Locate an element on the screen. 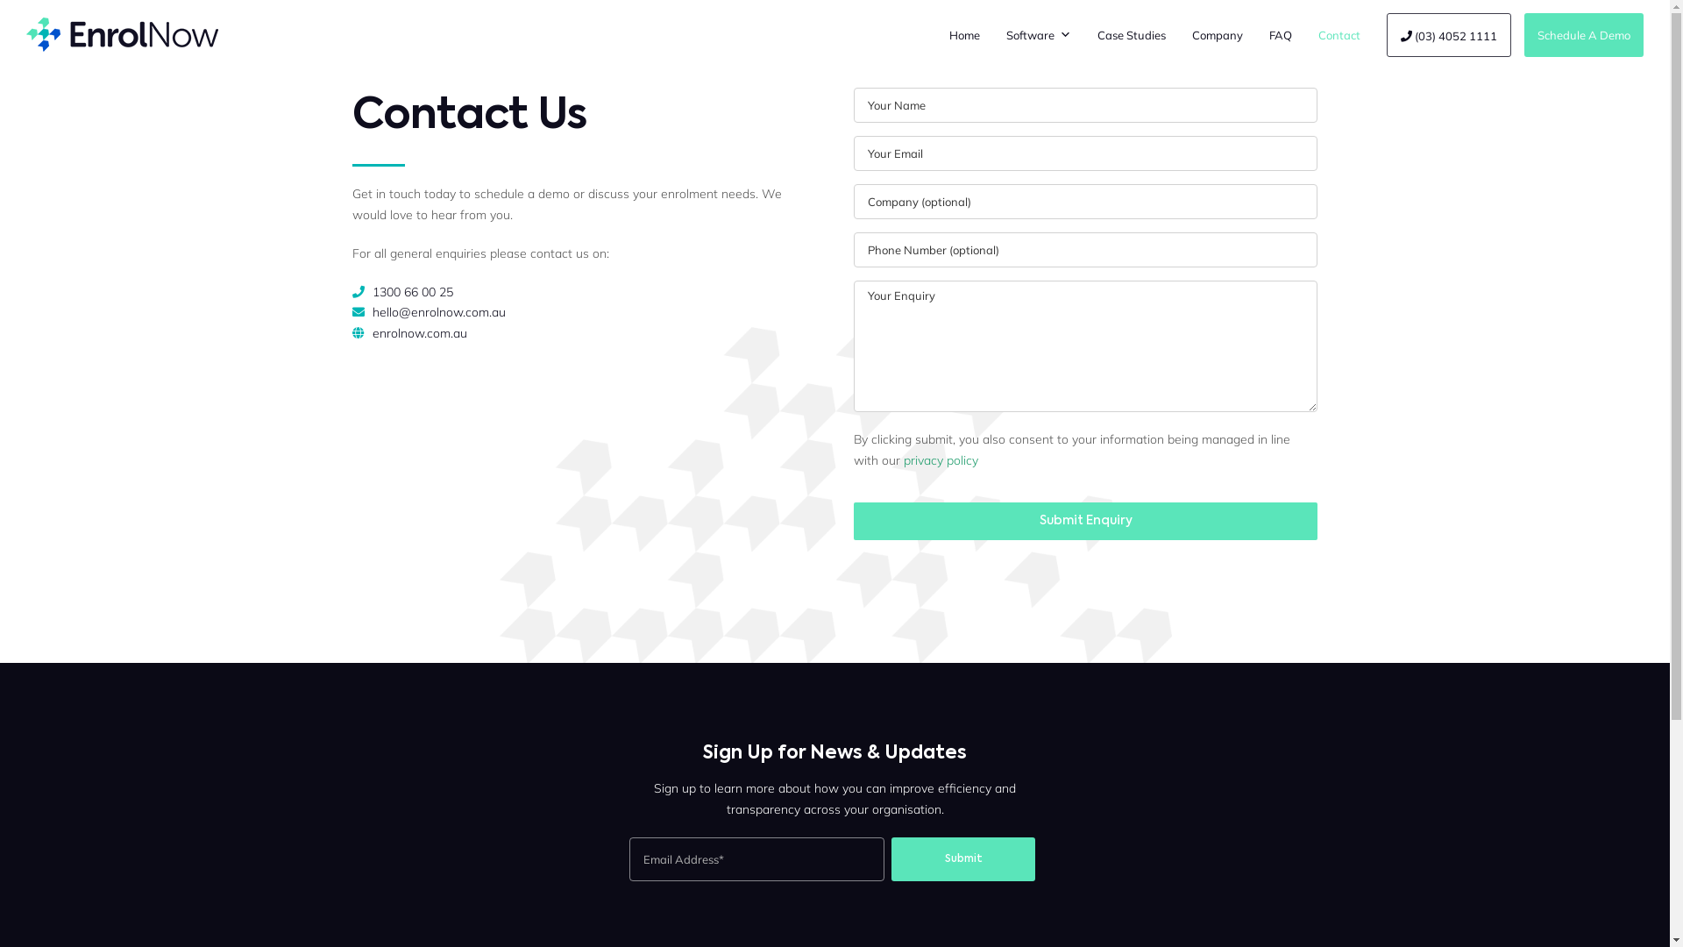 This screenshot has height=947, width=1683. '(03) 4052 1111' is located at coordinates (1448, 34).